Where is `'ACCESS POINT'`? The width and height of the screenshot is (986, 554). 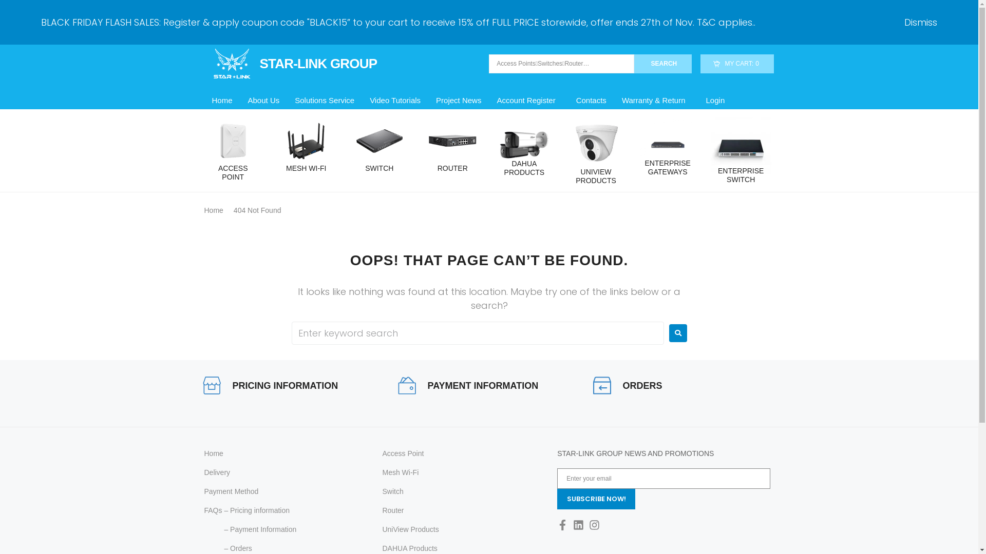
'ACCESS POINT' is located at coordinates (233, 172).